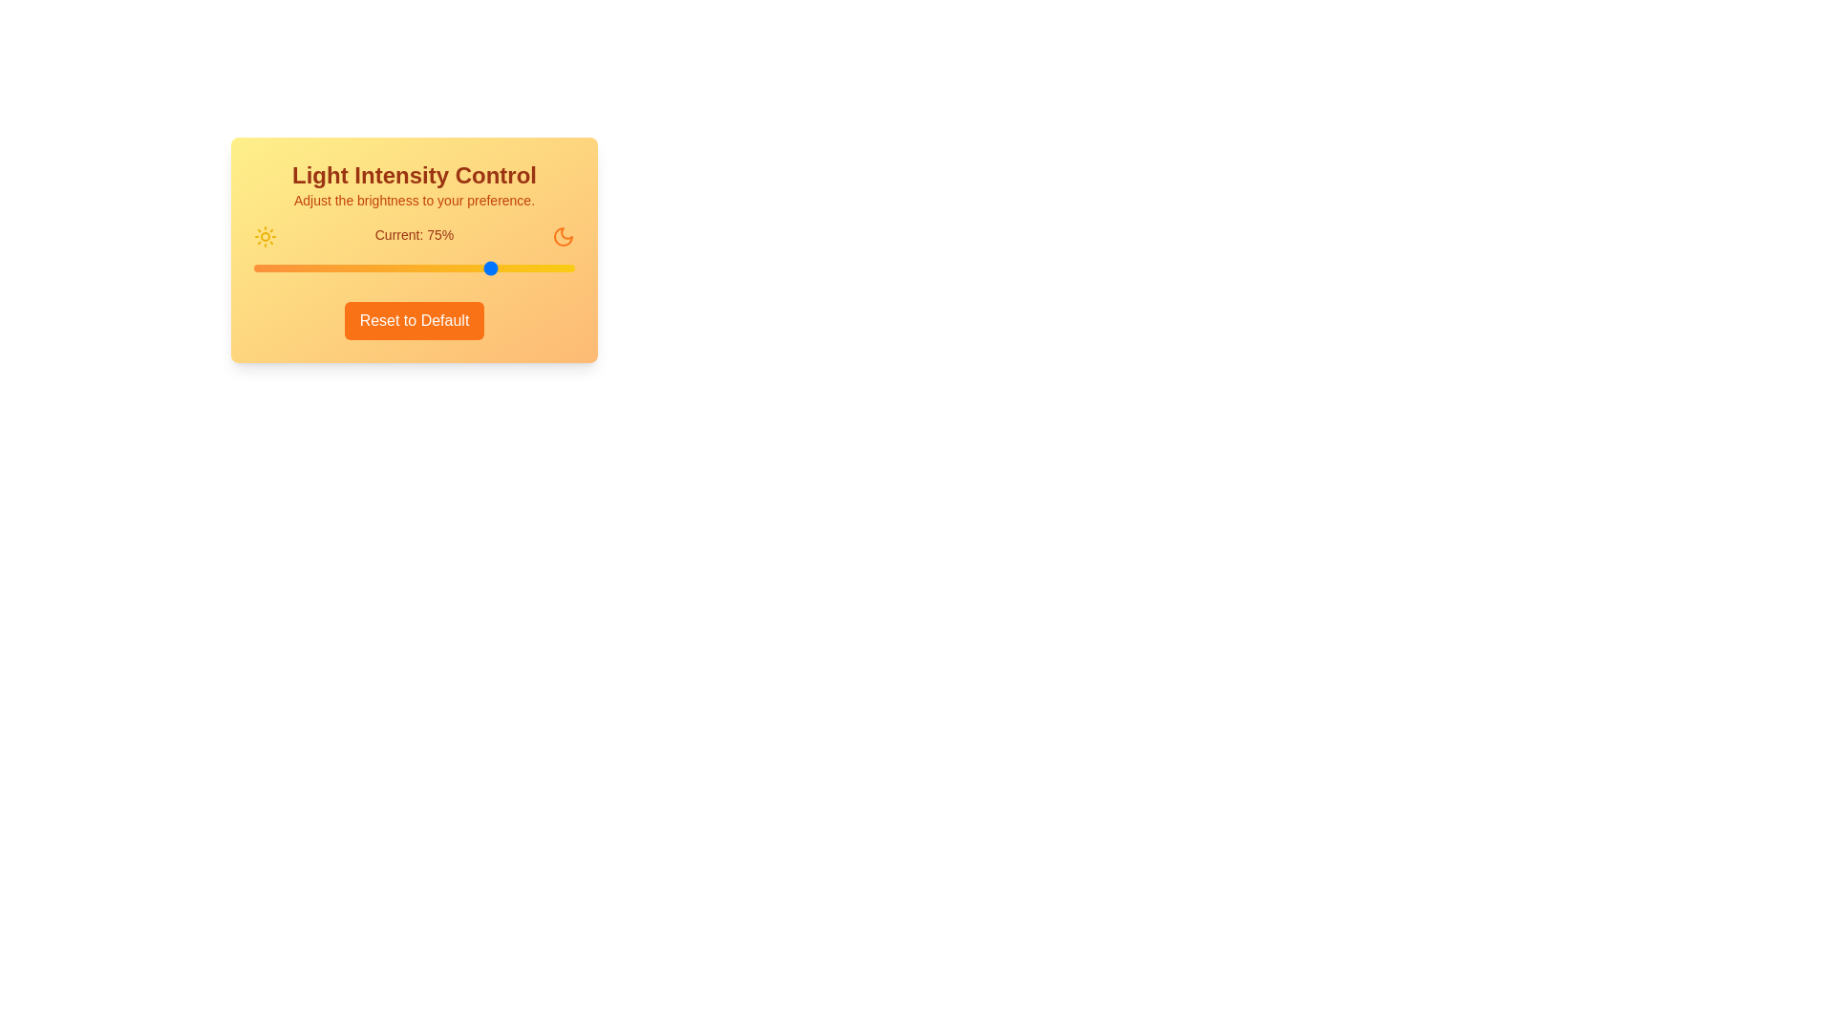 Image resolution: width=1834 pixels, height=1032 pixels. What do you see at coordinates (563, 235) in the screenshot?
I see `the moon icon to provide visual feedback` at bounding box center [563, 235].